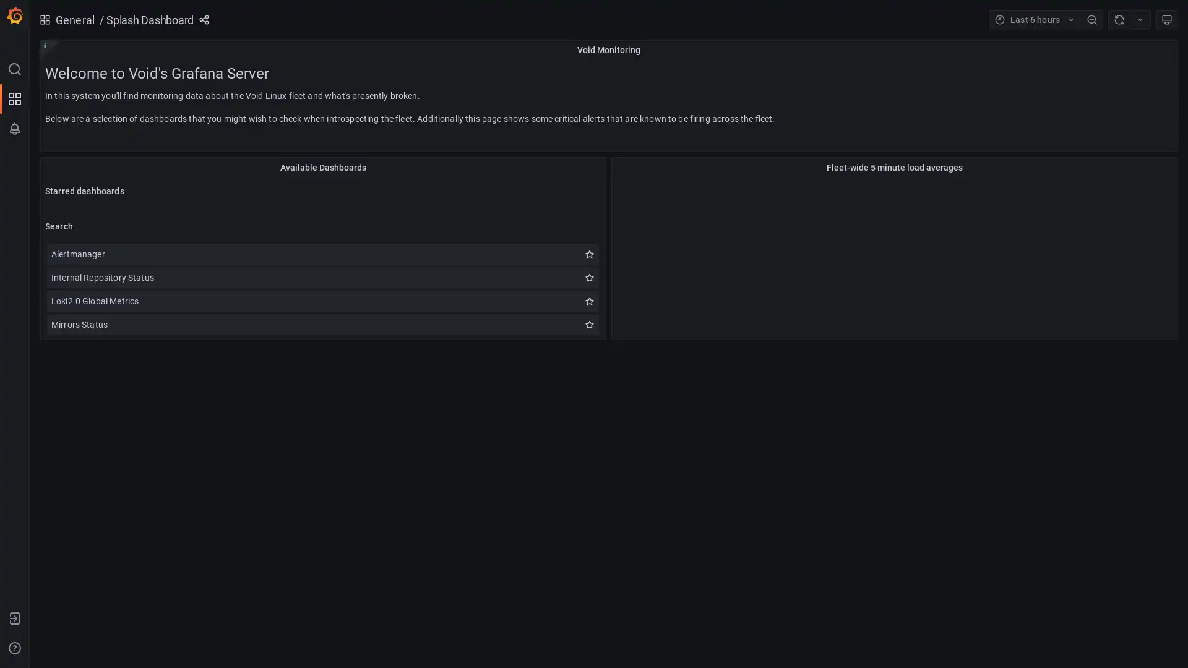 Image resolution: width=1188 pixels, height=668 pixels. I want to click on Time range picker with current time range Last 6 hours selected, so click(1035, 19).